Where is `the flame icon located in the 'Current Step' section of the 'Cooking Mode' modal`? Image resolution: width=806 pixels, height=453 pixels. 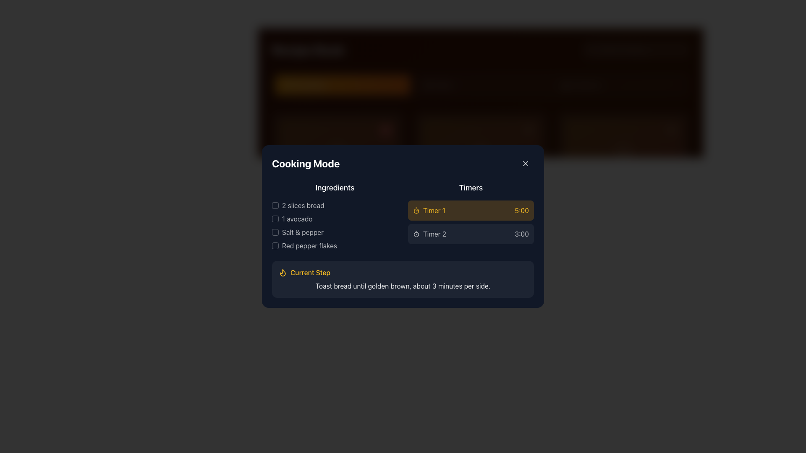 the flame icon located in the 'Current Step' section of the 'Cooking Mode' modal is located at coordinates (283, 273).